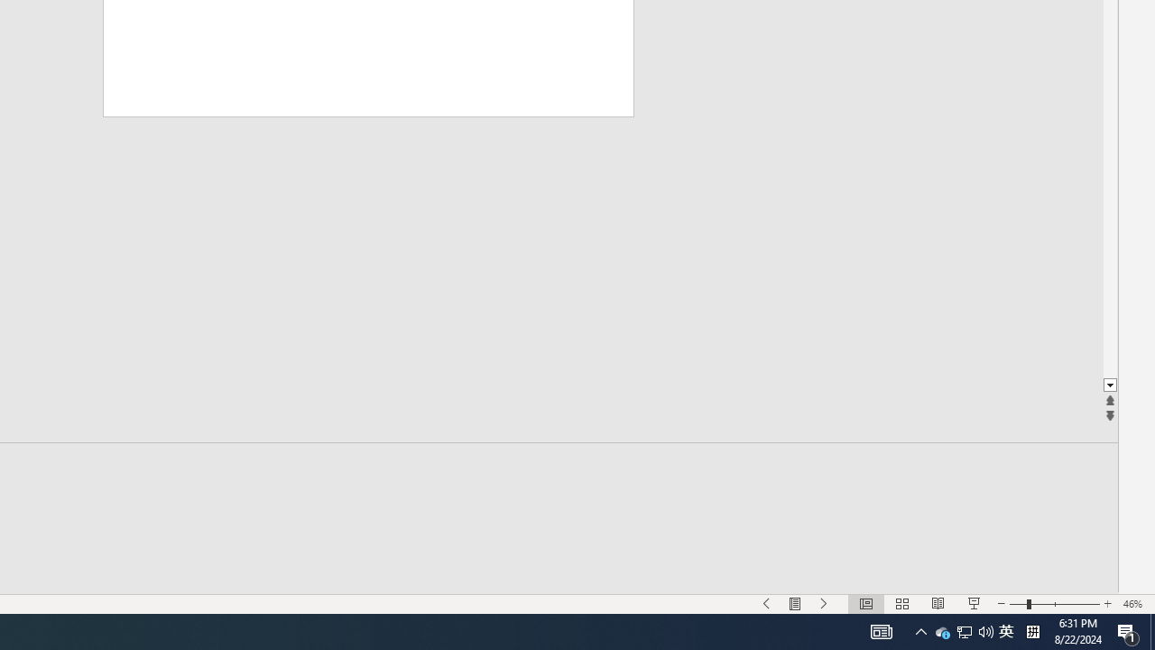  I want to click on 'User Promoted Notification Area', so click(963, 630).